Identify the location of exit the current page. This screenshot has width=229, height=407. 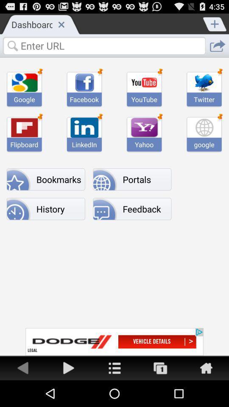
(61, 24).